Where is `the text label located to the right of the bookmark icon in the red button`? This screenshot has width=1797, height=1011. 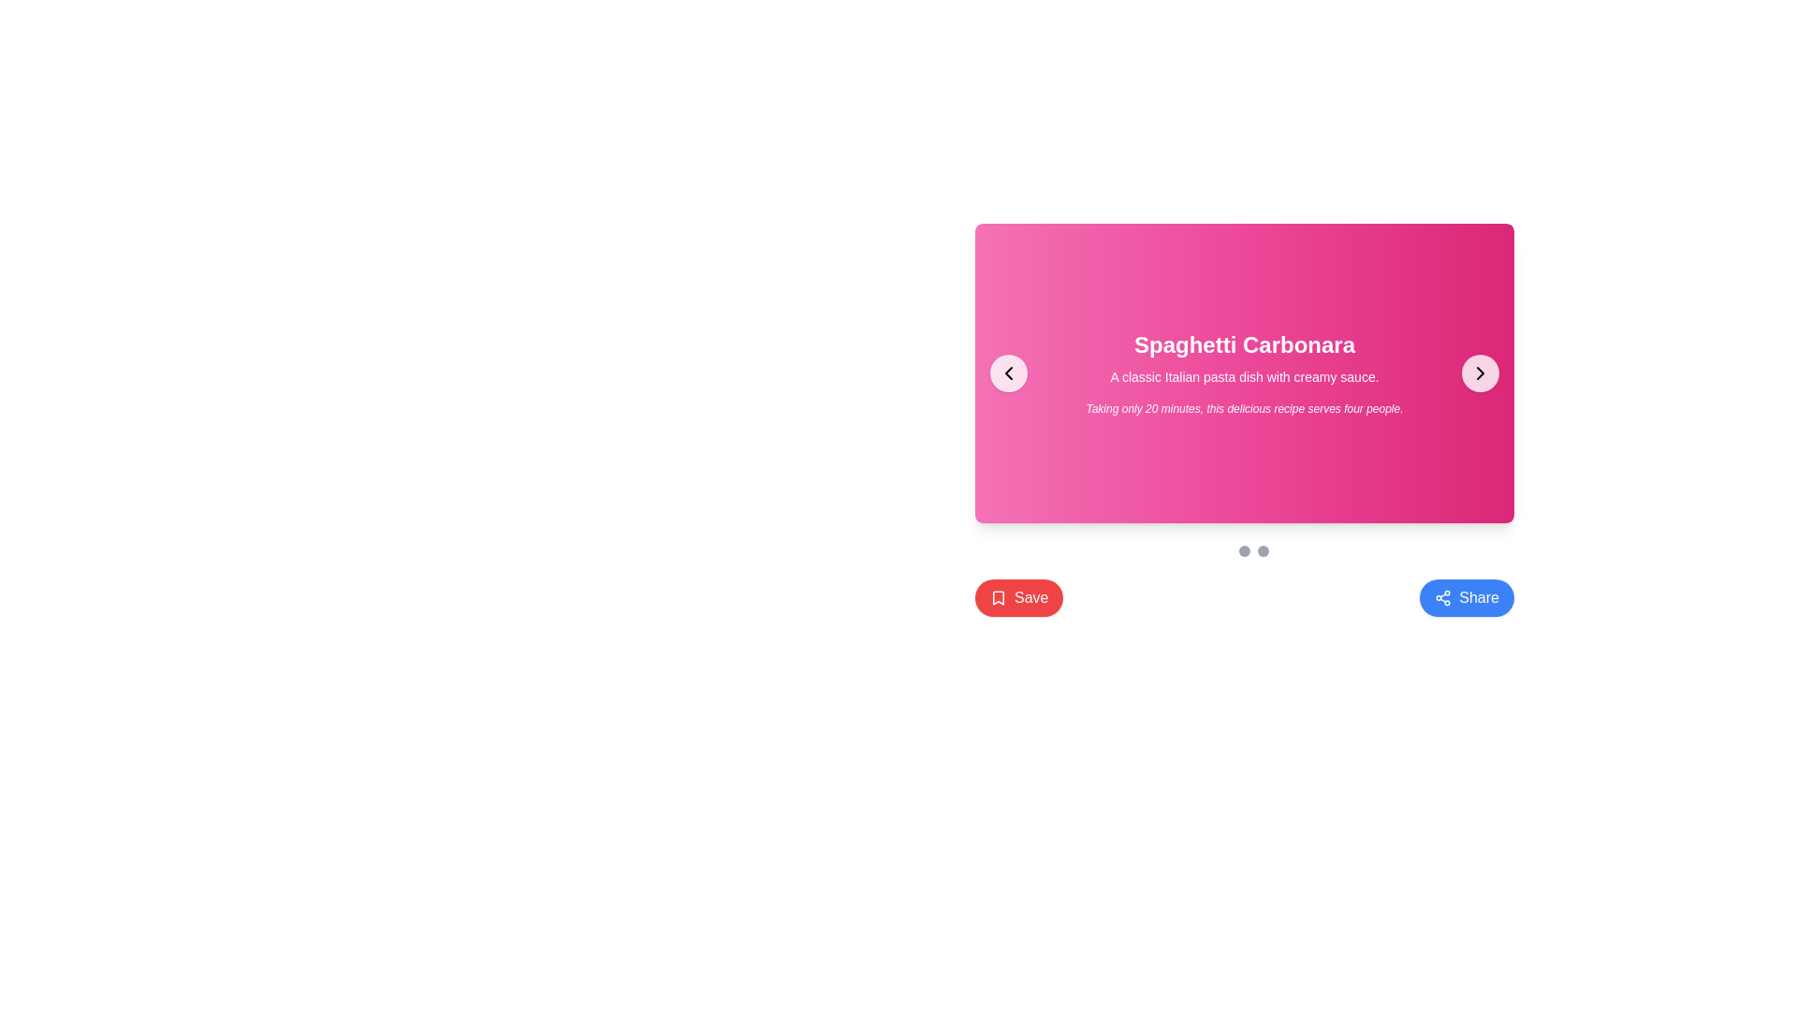
the text label located to the right of the bookmark icon in the red button is located at coordinates (1030, 598).